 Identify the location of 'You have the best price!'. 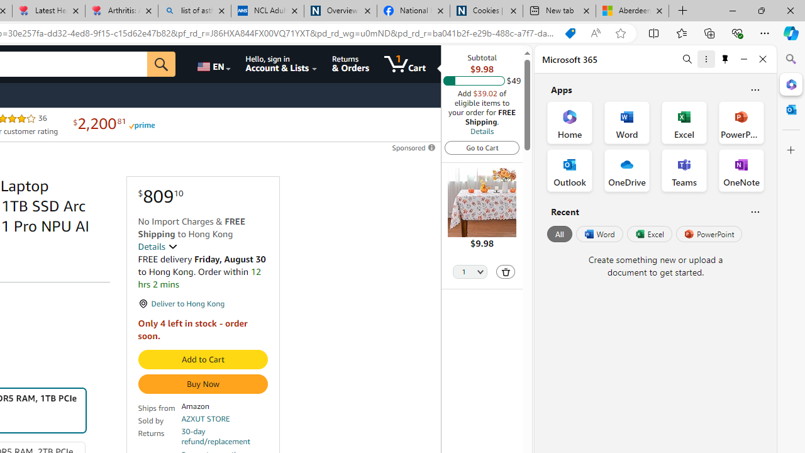
(569, 33).